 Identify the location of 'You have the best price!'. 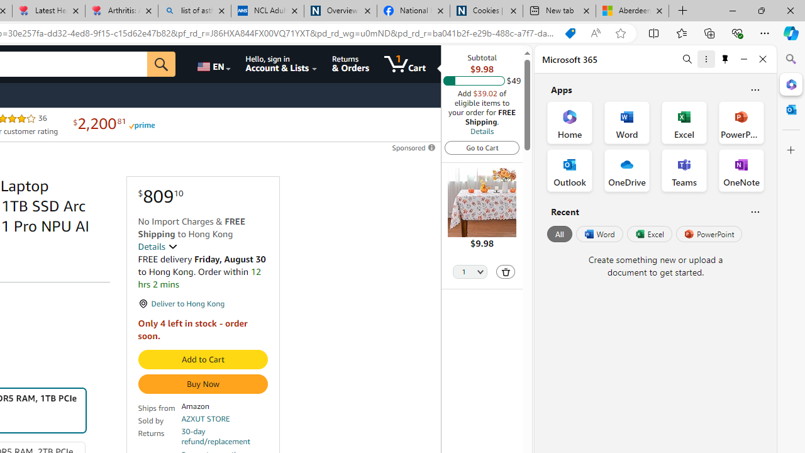
(569, 33).